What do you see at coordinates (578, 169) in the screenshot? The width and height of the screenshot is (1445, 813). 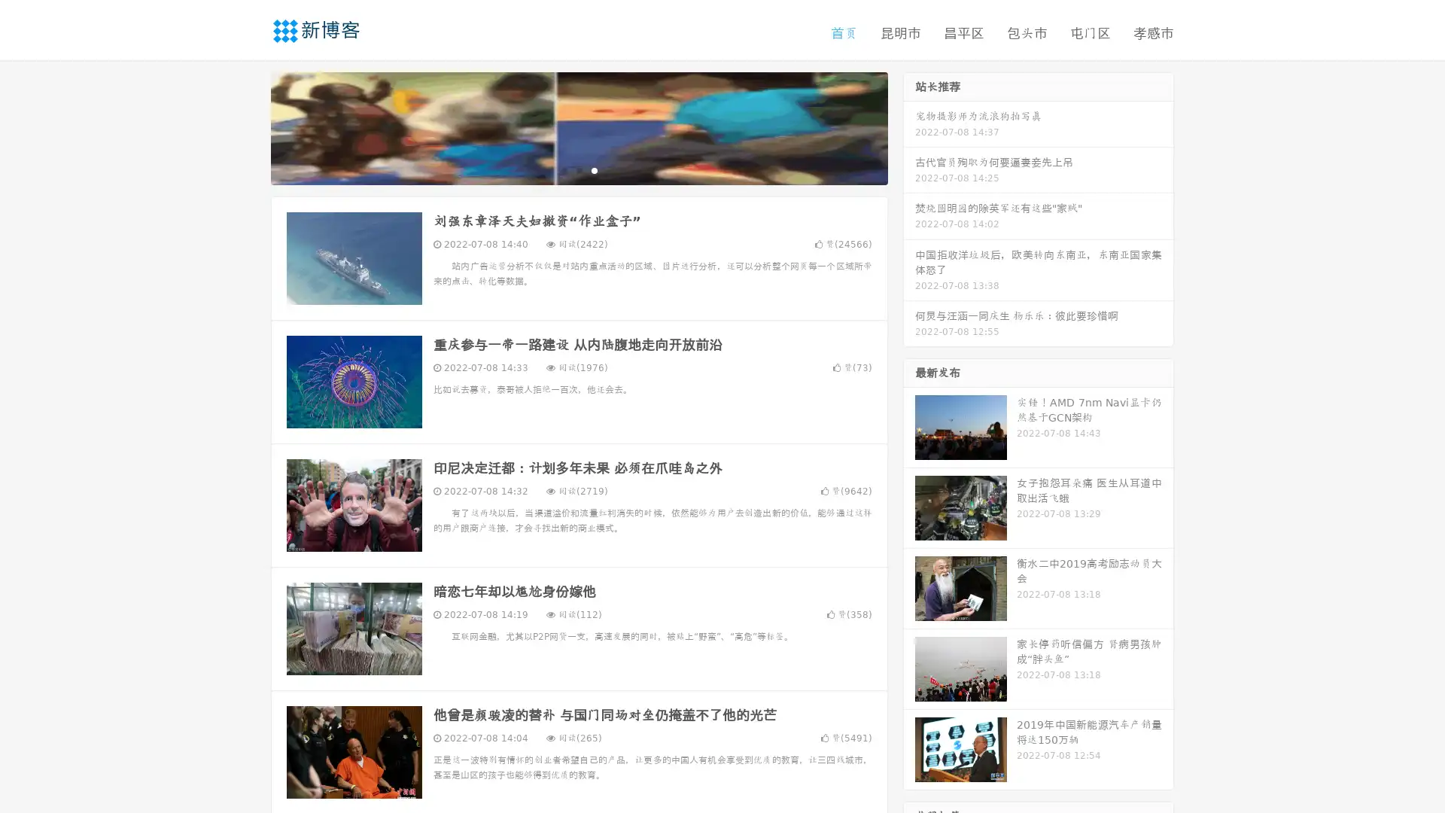 I see `Go to slide 2` at bounding box center [578, 169].